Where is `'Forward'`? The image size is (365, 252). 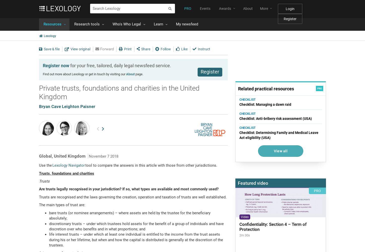
'Forward' is located at coordinates (106, 49).